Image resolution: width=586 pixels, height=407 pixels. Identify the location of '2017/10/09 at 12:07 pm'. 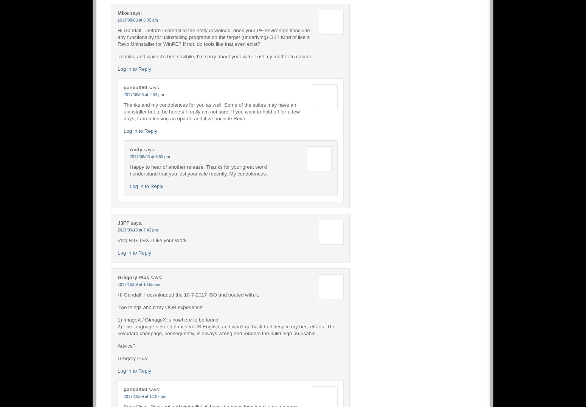
(123, 396).